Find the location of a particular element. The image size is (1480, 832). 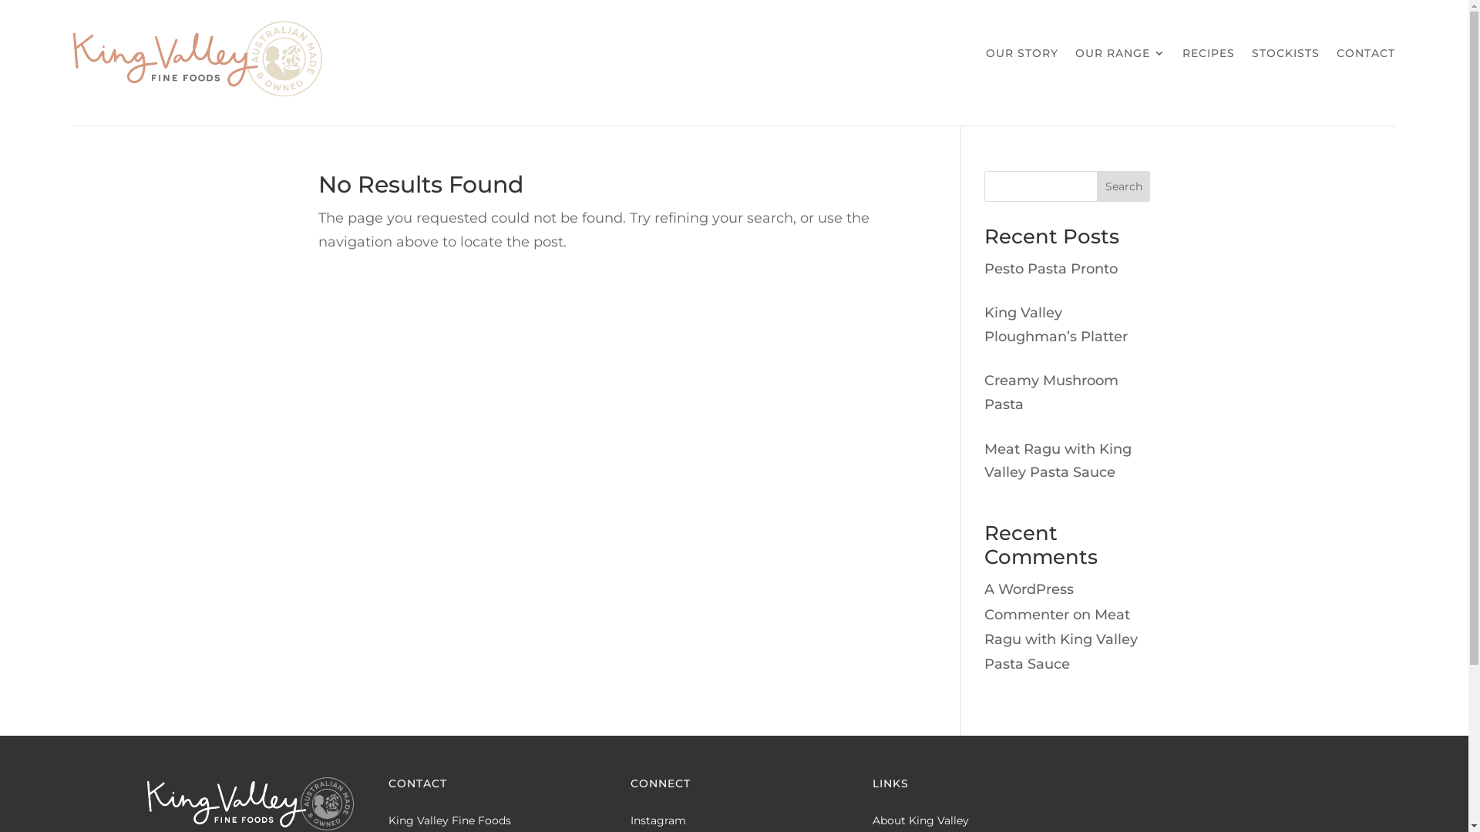

'STOCKISTS' is located at coordinates (1286, 55).